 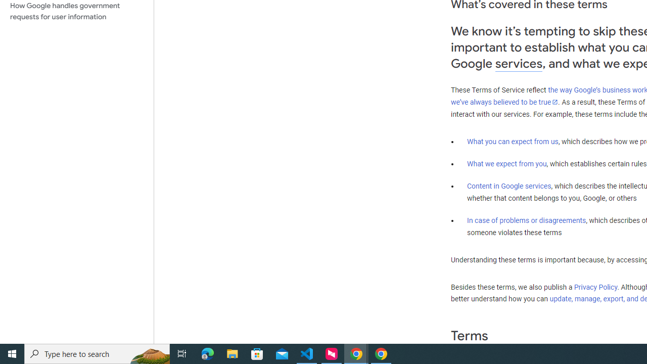 I want to click on 'Content in Google services', so click(x=509, y=186).